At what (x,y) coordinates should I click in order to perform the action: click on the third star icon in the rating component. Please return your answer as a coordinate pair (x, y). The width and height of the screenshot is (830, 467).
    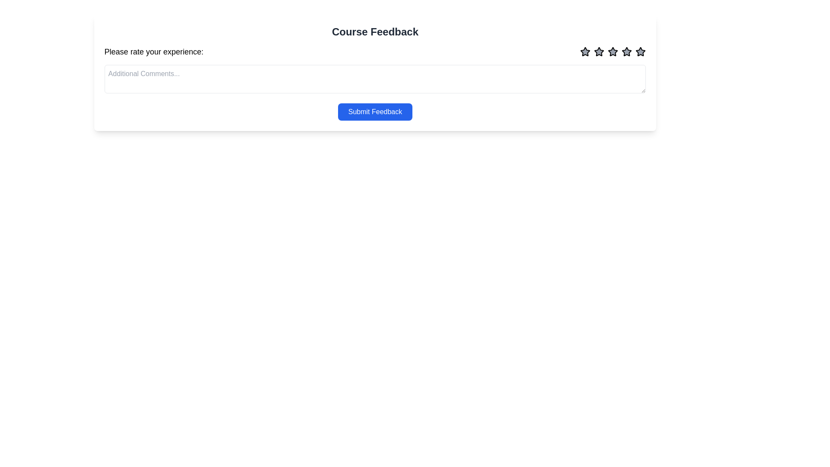
    Looking at the image, I should click on (599, 51).